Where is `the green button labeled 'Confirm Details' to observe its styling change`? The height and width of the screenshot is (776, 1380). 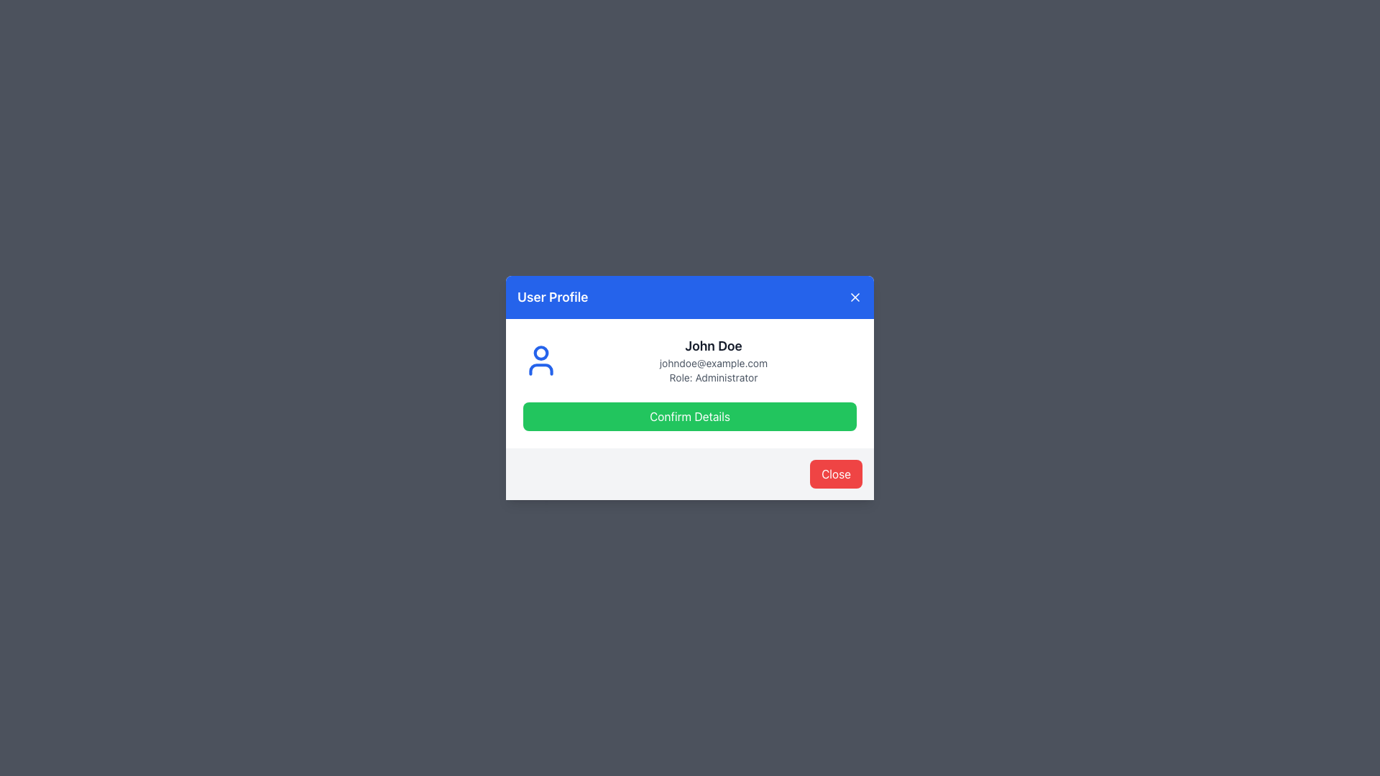
the green button labeled 'Confirm Details' to observe its styling change is located at coordinates (690, 416).